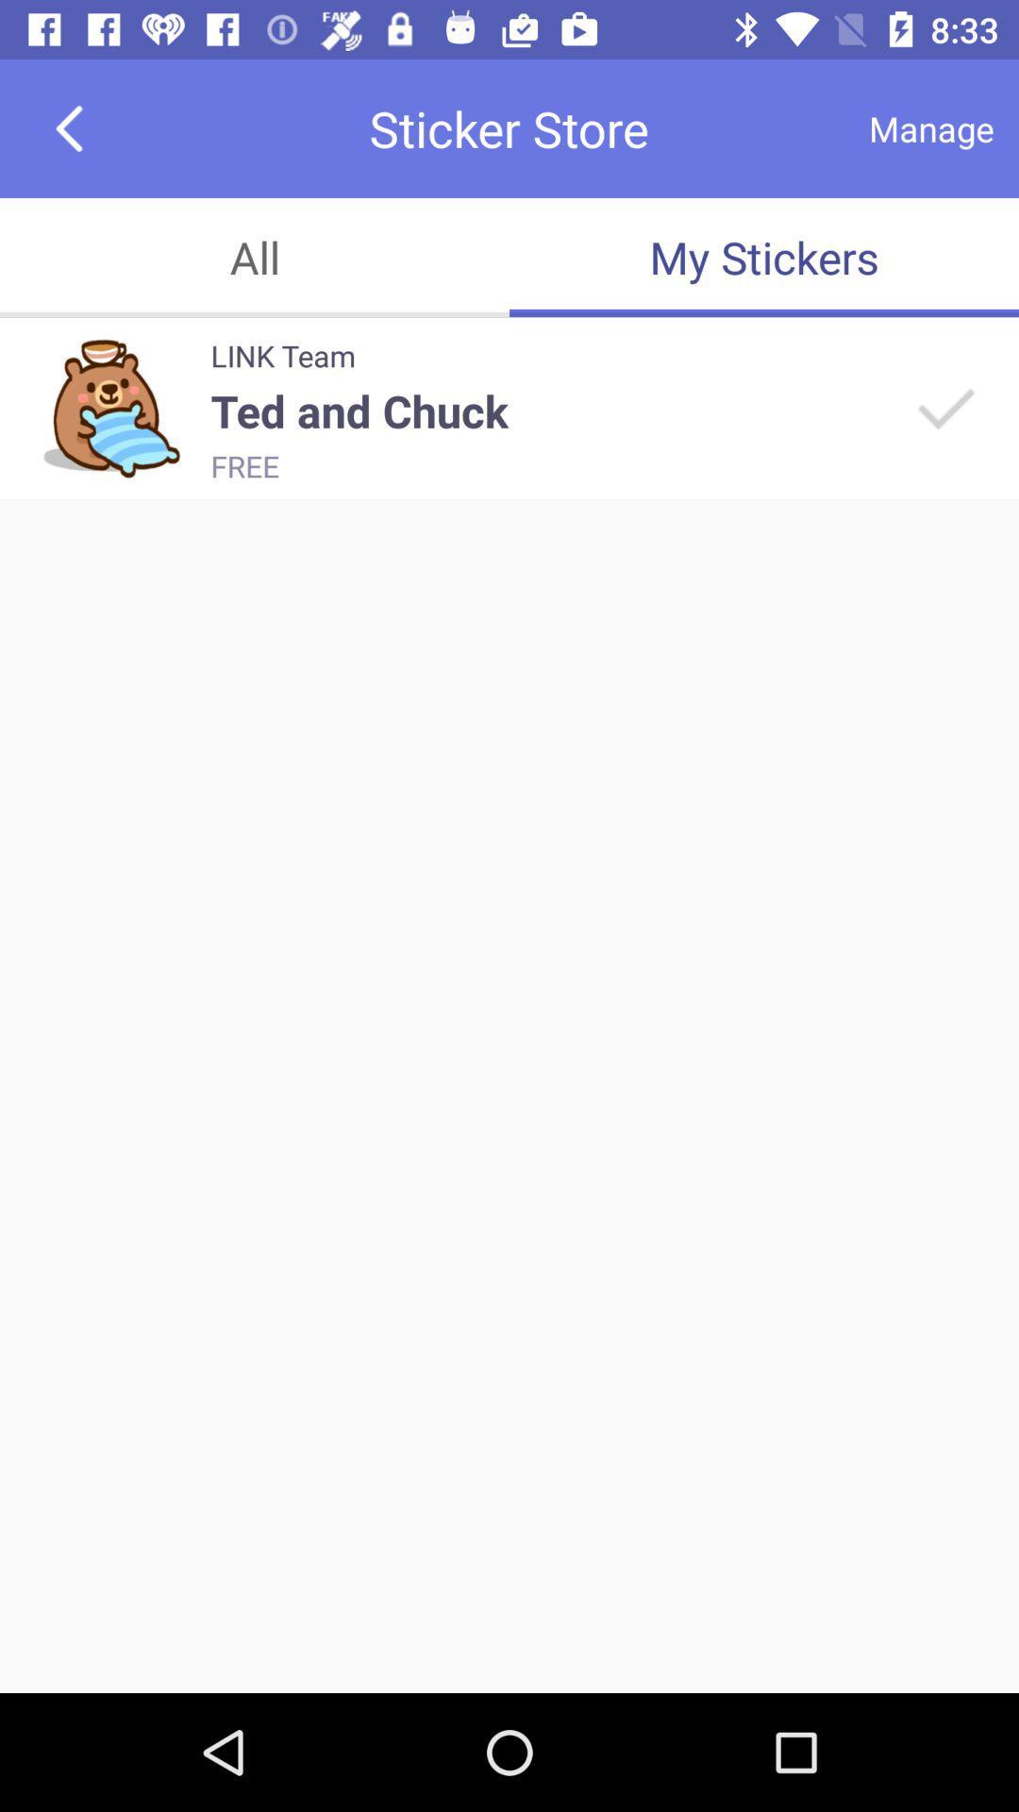 The height and width of the screenshot is (1812, 1019). What do you see at coordinates (944, 407) in the screenshot?
I see `the app next to the ted and chuck` at bounding box center [944, 407].